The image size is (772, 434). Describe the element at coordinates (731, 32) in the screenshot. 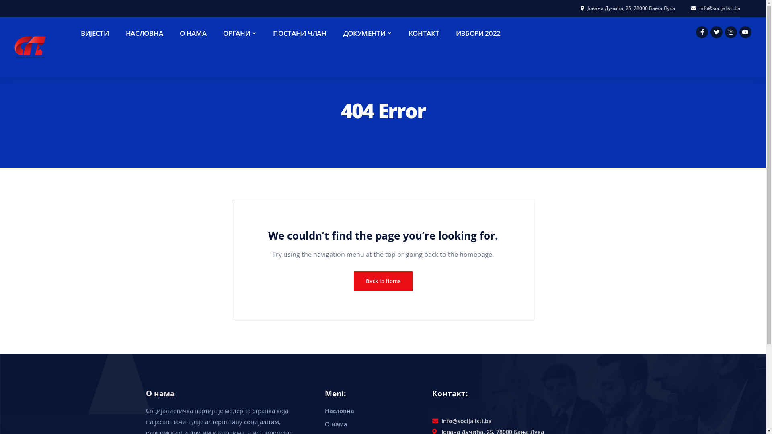

I see `'Instagram'` at that location.